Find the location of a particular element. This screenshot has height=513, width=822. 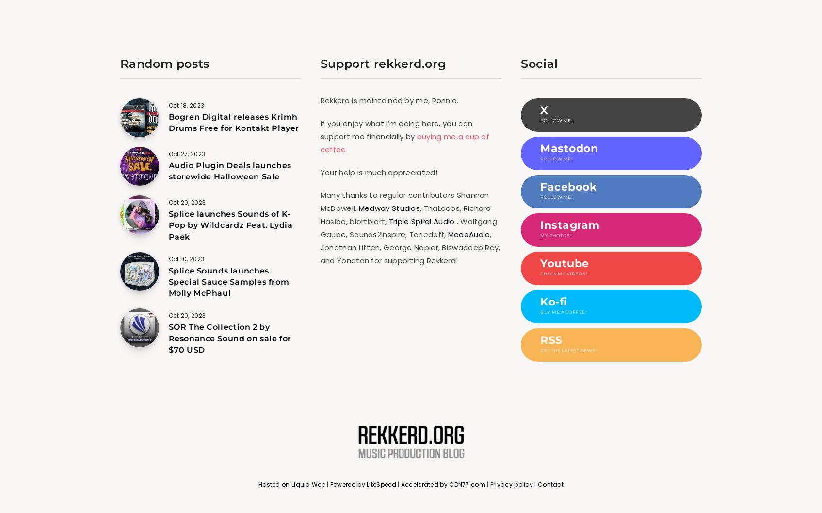

'Audio Plugin Deals launches storewide Halloween Sale' is located at coordinates (229, 170).